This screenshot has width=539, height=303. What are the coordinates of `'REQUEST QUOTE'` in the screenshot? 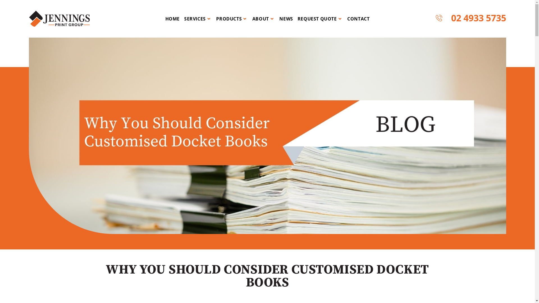 It's located at (320, 18).